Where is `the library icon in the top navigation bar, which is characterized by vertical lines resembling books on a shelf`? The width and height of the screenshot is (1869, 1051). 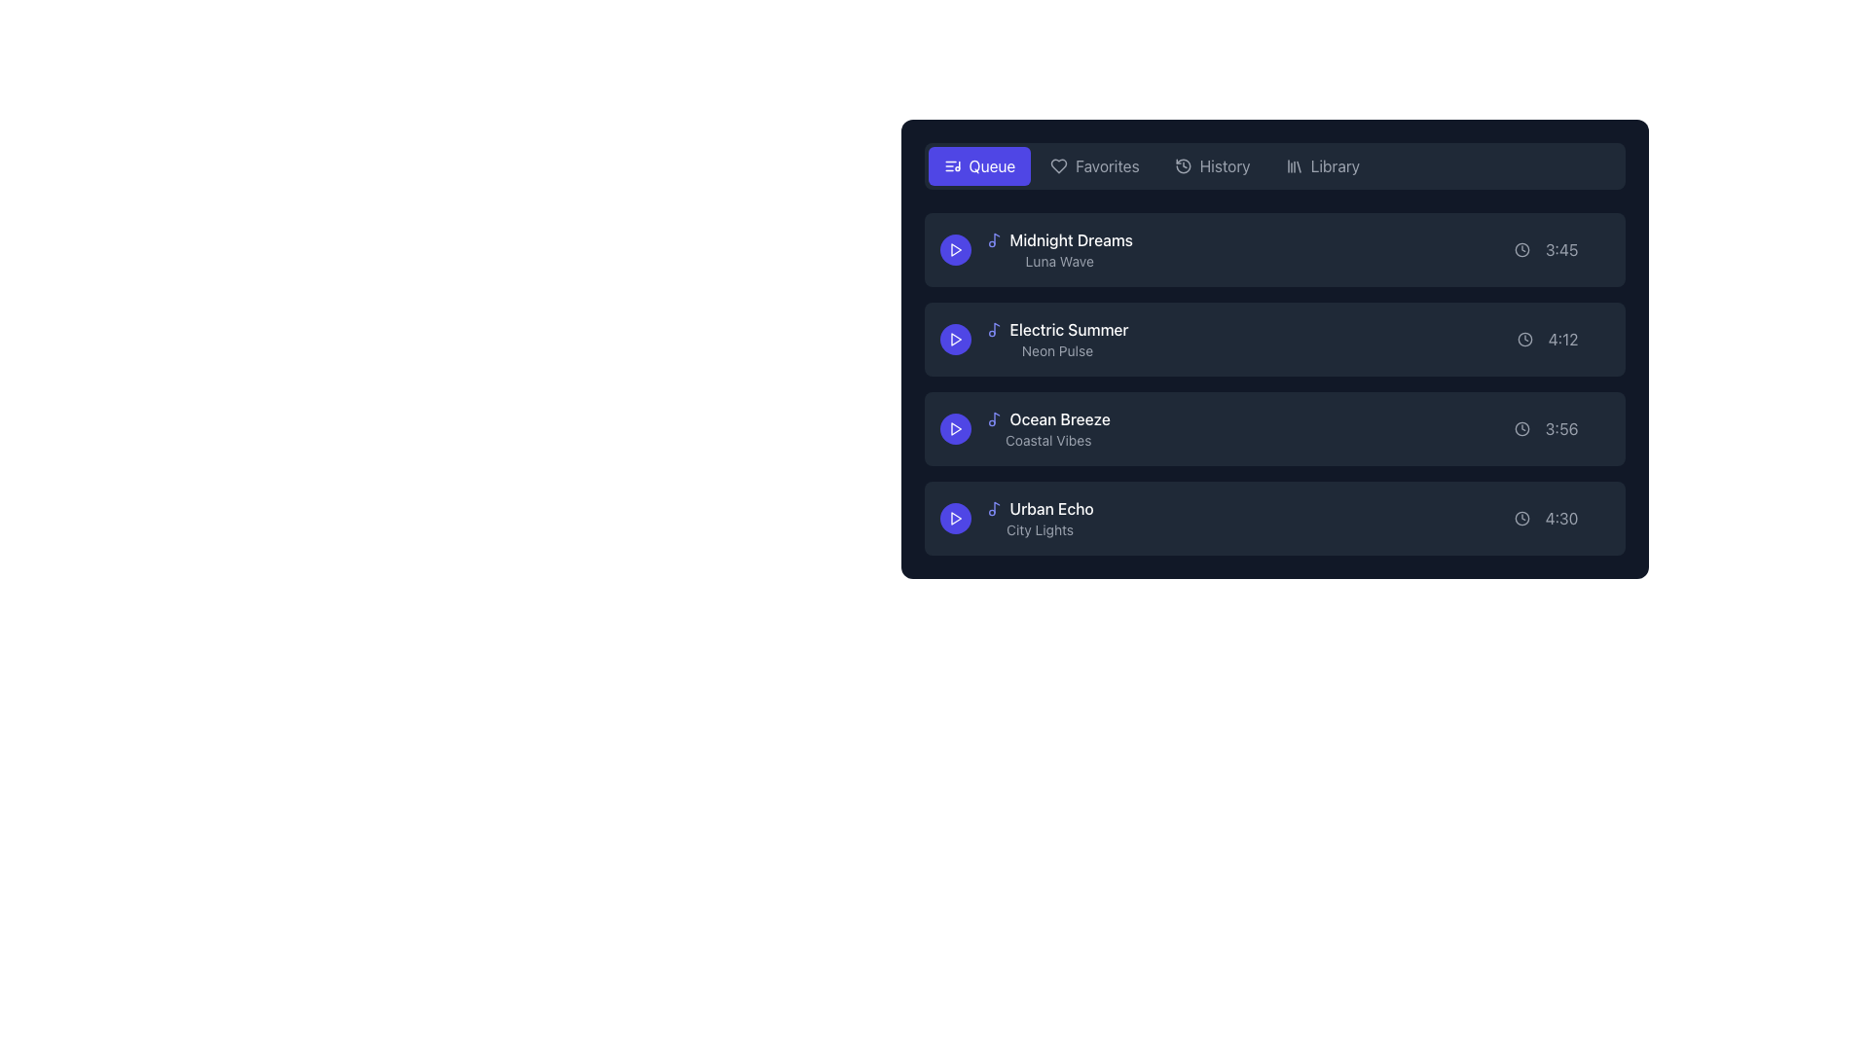
the library icon in the top navigation bar, which is characterized by vertical lines resembling books on a shelf is located at coordinates (1294, 164).